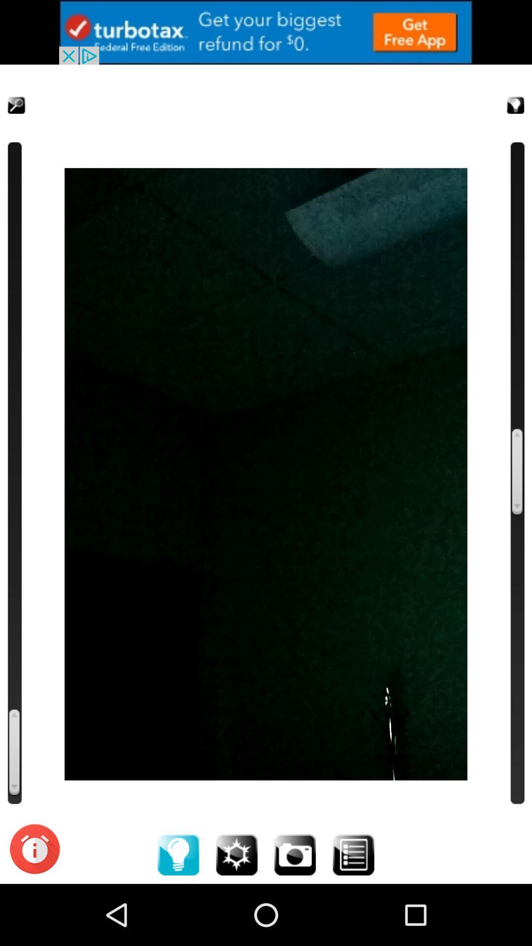 The image size is (532, 946). What do you see at coordinates (236, 854) in the screenshot?
I see `weather` at bounding box center [236, 854].